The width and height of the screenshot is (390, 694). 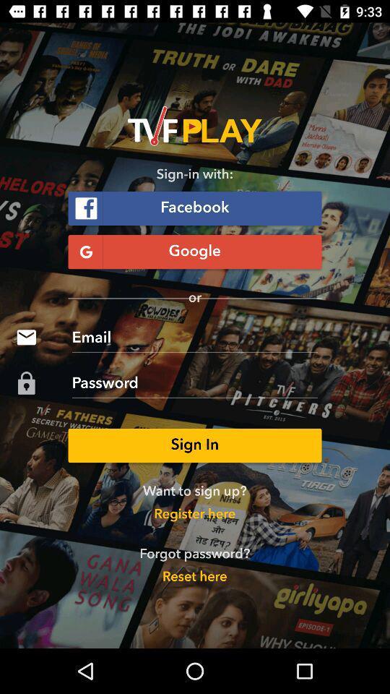 What do you see at coordinates (26, 382) in the screenshot?
I see `the password icon` at bounding box center [26, 382].